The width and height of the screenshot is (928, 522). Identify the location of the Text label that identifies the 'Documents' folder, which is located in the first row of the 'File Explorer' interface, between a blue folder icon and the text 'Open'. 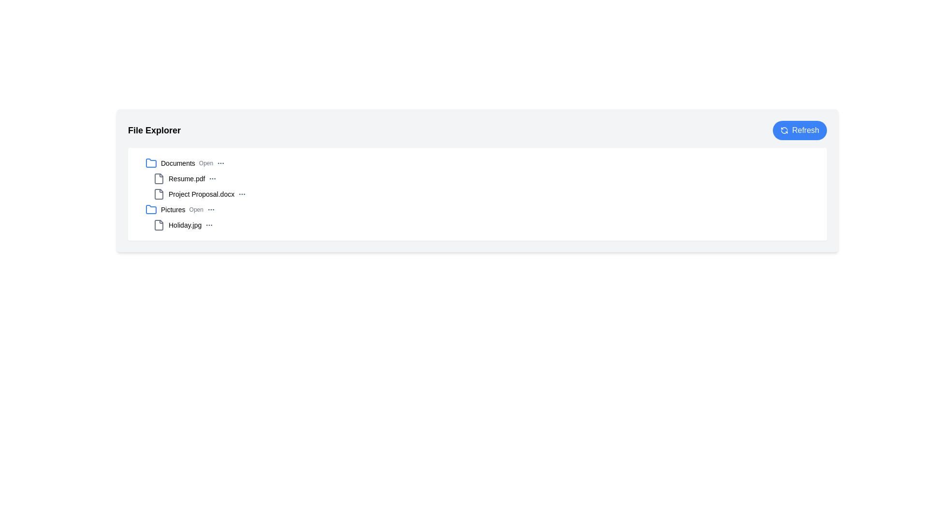
(178, 163).